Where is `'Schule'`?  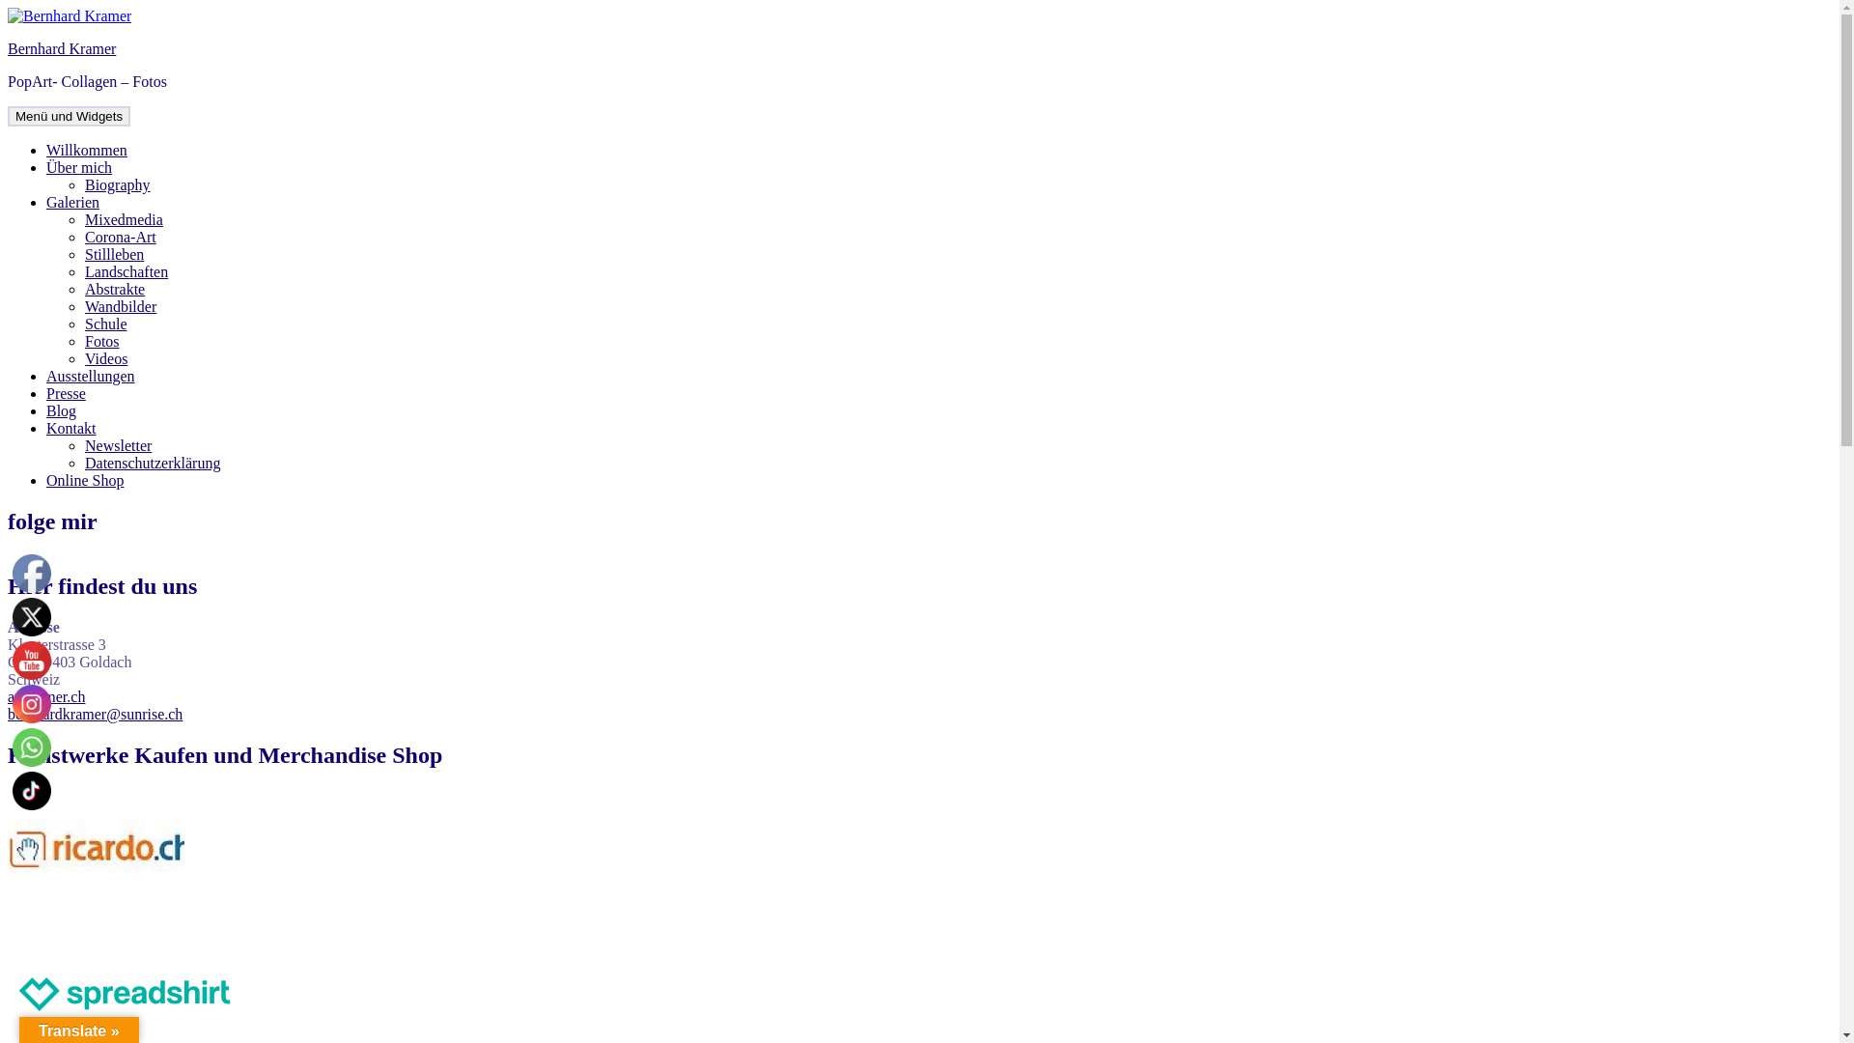 'Schule' is located at coordinates (83, 323).